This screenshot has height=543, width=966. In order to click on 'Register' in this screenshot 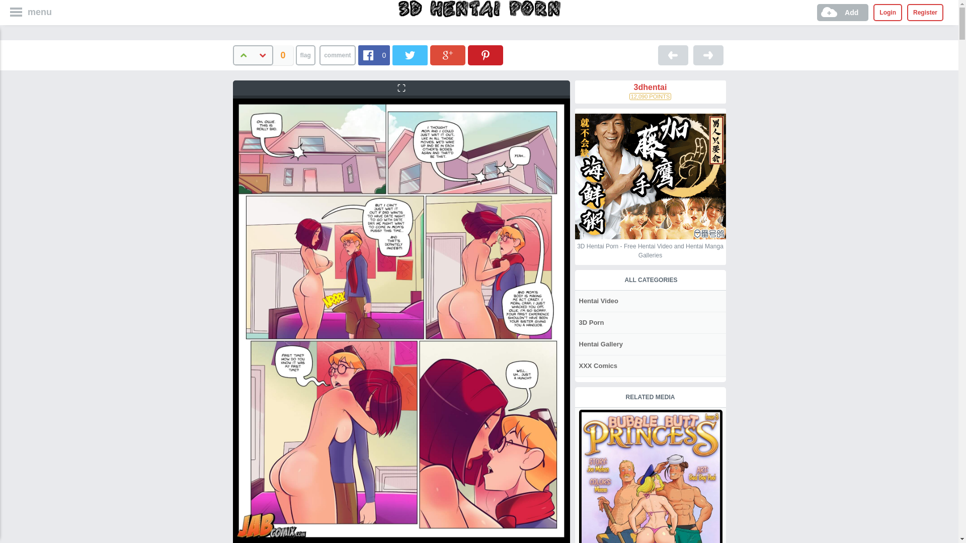, I will do `click(907, 12)`.